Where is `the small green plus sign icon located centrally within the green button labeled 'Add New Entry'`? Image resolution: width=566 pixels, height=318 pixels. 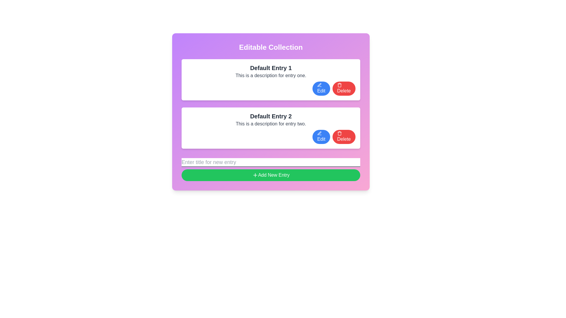
the small green plus sign icon located centrally within the green button labeled 'Add New Entry' is located at coordinates (255, 175).